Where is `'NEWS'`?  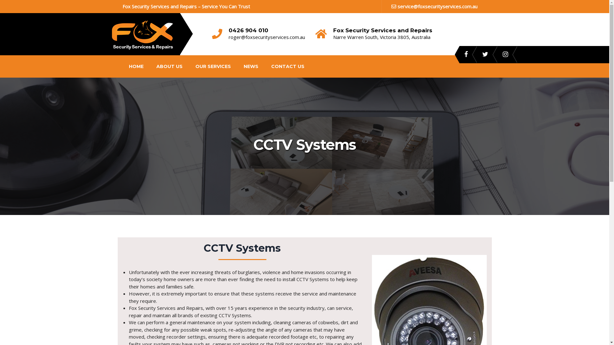 'NEWS' is located at coordinates (237, 65).